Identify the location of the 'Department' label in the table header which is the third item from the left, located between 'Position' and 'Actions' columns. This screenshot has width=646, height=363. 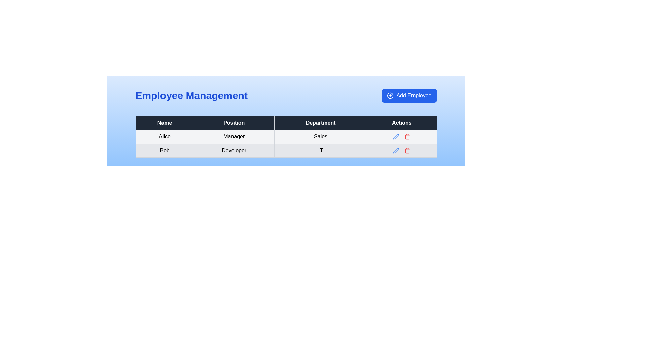
(320, 123).